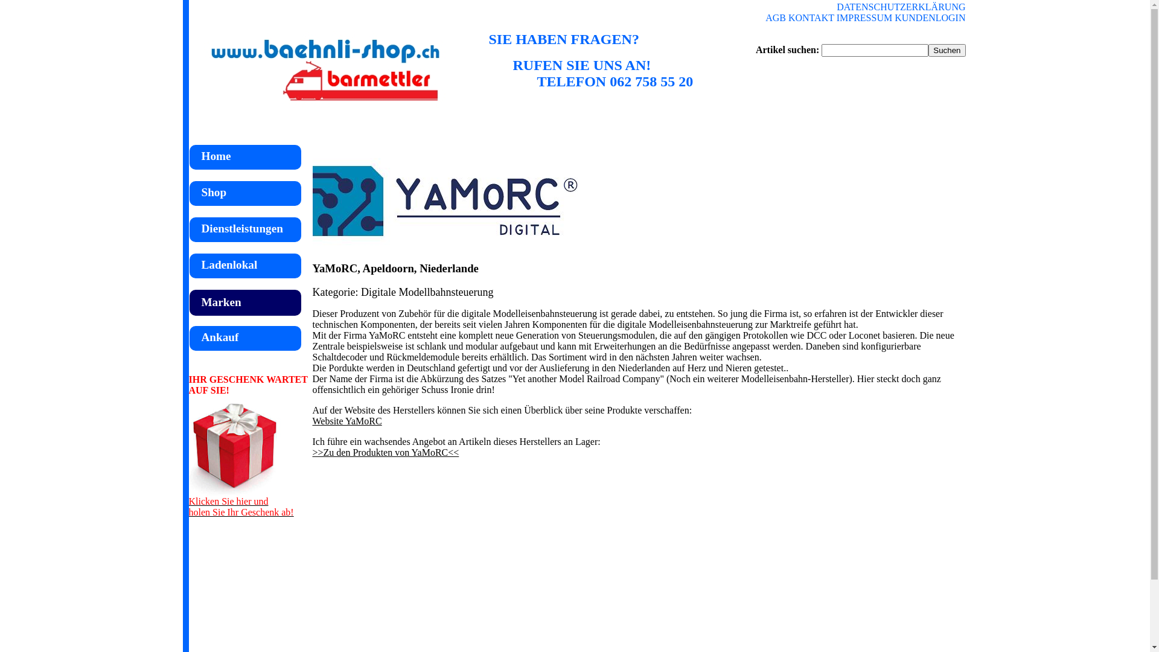  What do you see at coordinates (929, 18) in the screenshot?
I see `'KUNDENLOGIN'` at bounding box center [929, 18].